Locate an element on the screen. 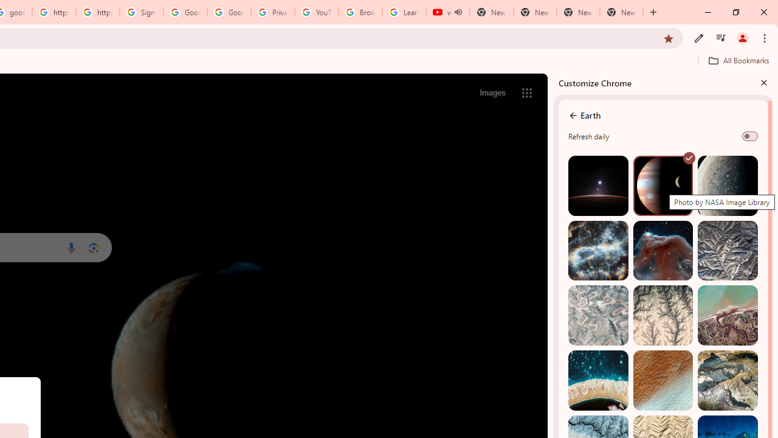  'Mute tab' is located at coordinates (457, 12).